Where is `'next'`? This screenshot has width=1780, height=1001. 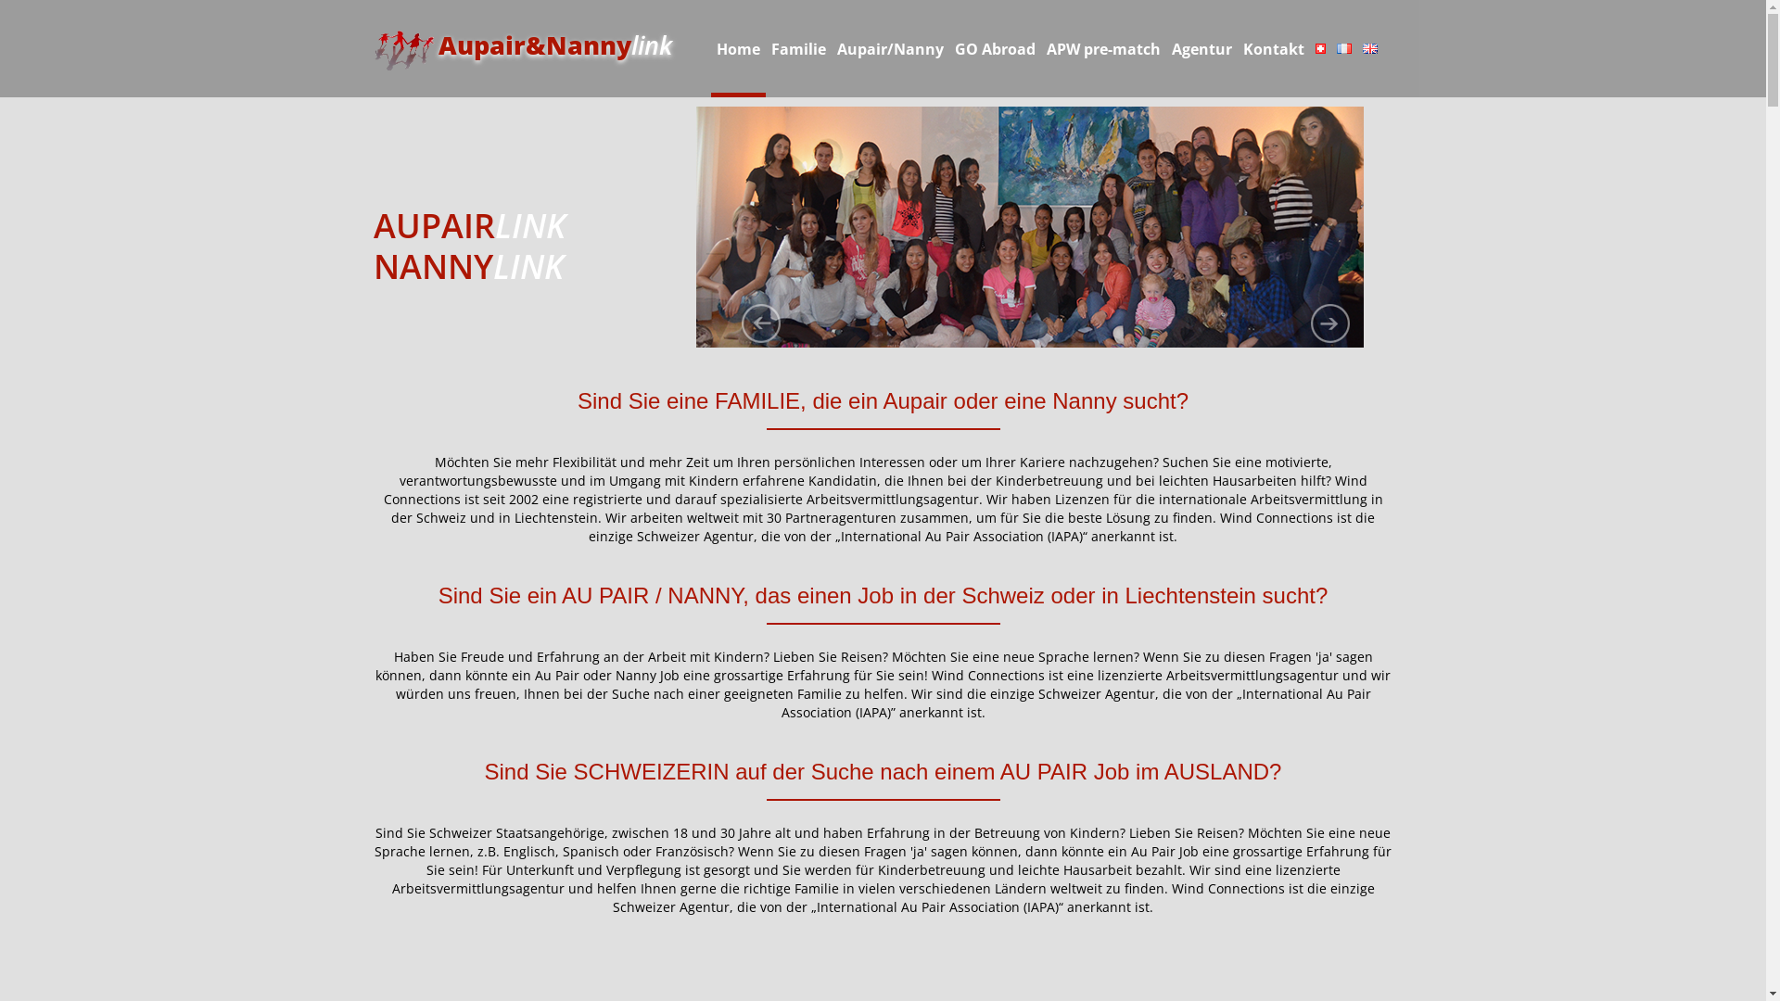 'next' is located at coordinates (1329, 322).